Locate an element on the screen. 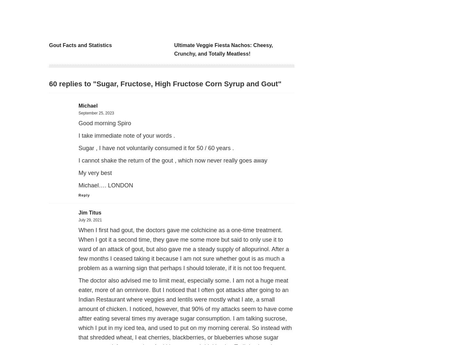 The image size is (471, 345). 'September 25, 2023' is located at coordinates (96, 113).